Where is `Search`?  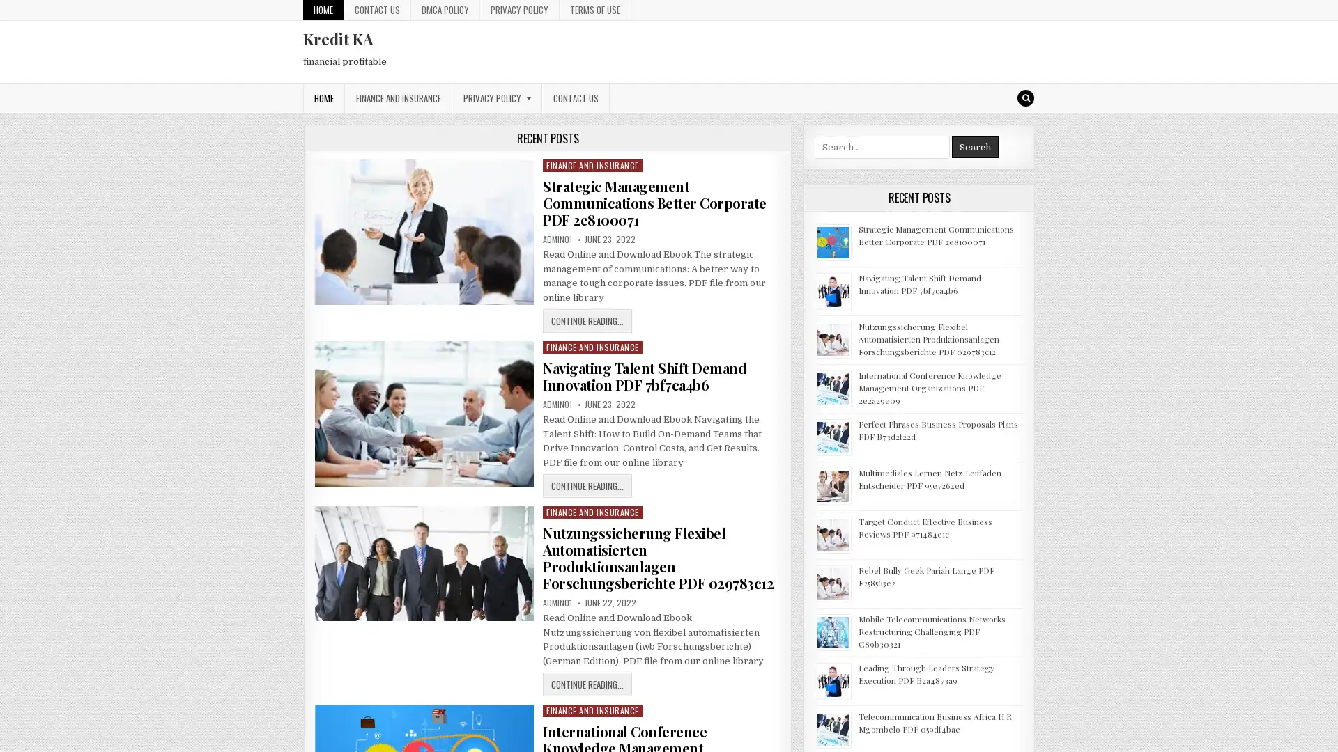 Search is located at coordinates (974, 147).